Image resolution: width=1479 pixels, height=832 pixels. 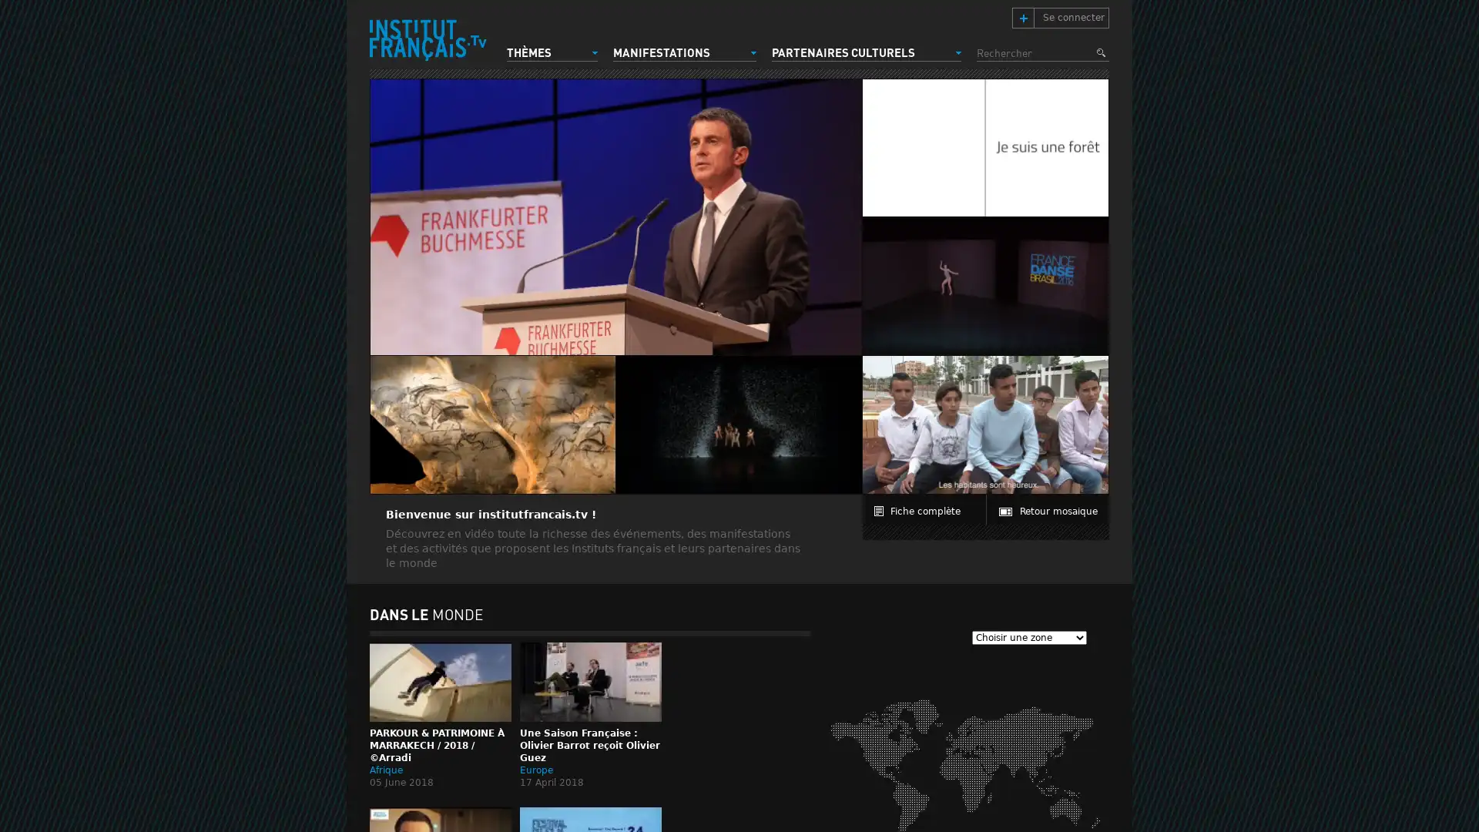 What do you see at coordinates (1101, 53) in the screenshot?
I see `Submit` at bounding box center [1101, 53].